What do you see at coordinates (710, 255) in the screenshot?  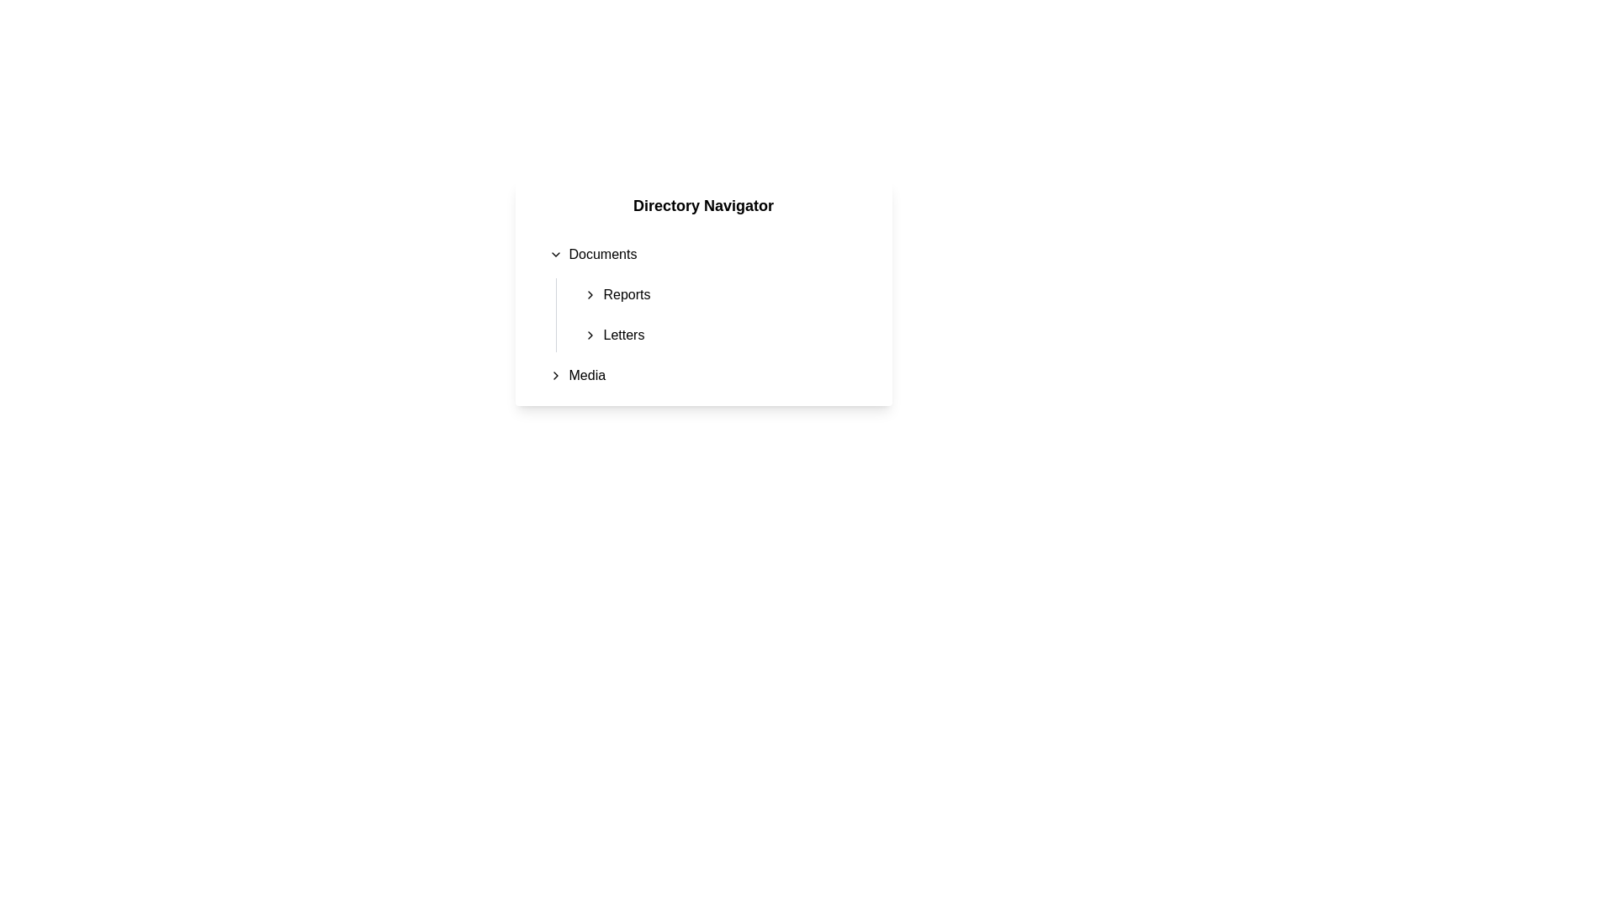 I see `the first interactive list item in the hierarchical navigation menu that expands the 'Documents' section` at bounding box center [710, 255].